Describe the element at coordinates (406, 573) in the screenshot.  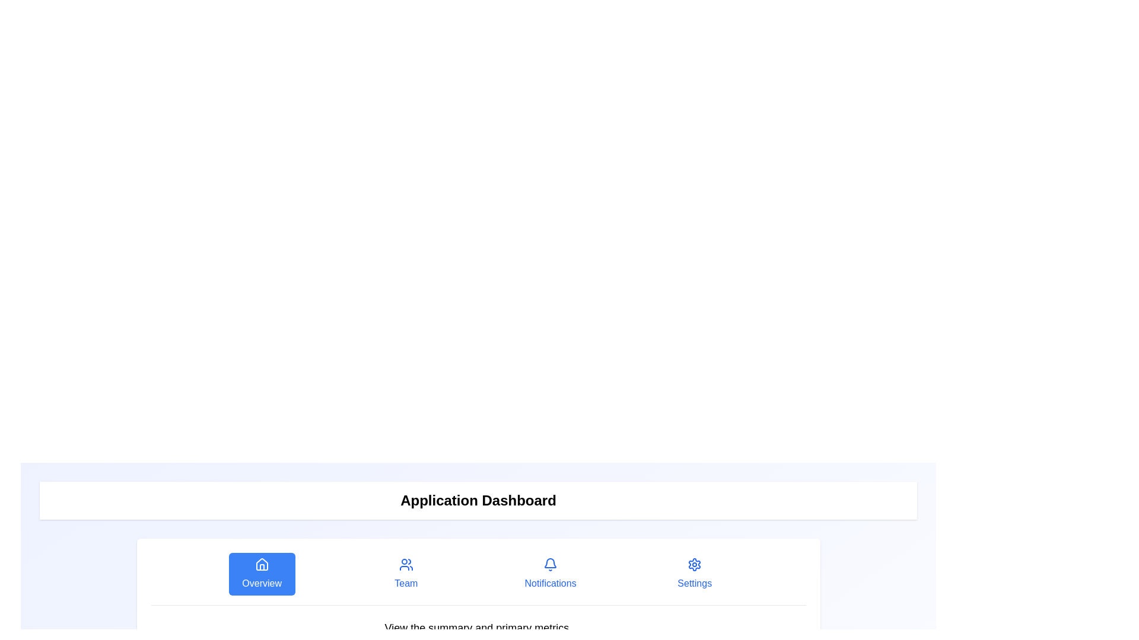
I see `the 'Team' button, which features an icon of a group of people with blue outlines and has a light blue background upon hovering. It is the second button from the left in a horizontal navbar located at the lower section of the application's header area` at that location.